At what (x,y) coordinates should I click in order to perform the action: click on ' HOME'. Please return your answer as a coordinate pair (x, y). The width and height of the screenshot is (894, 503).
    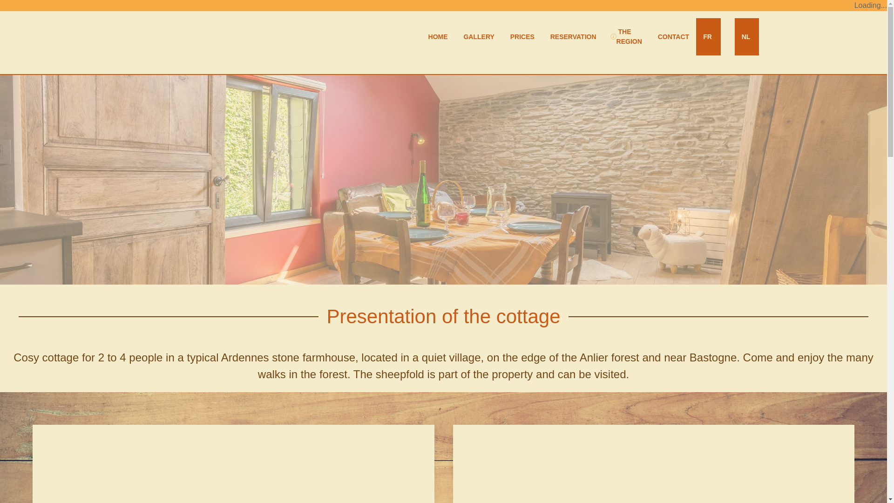
    Looking at the image, I should click on (437, 36).